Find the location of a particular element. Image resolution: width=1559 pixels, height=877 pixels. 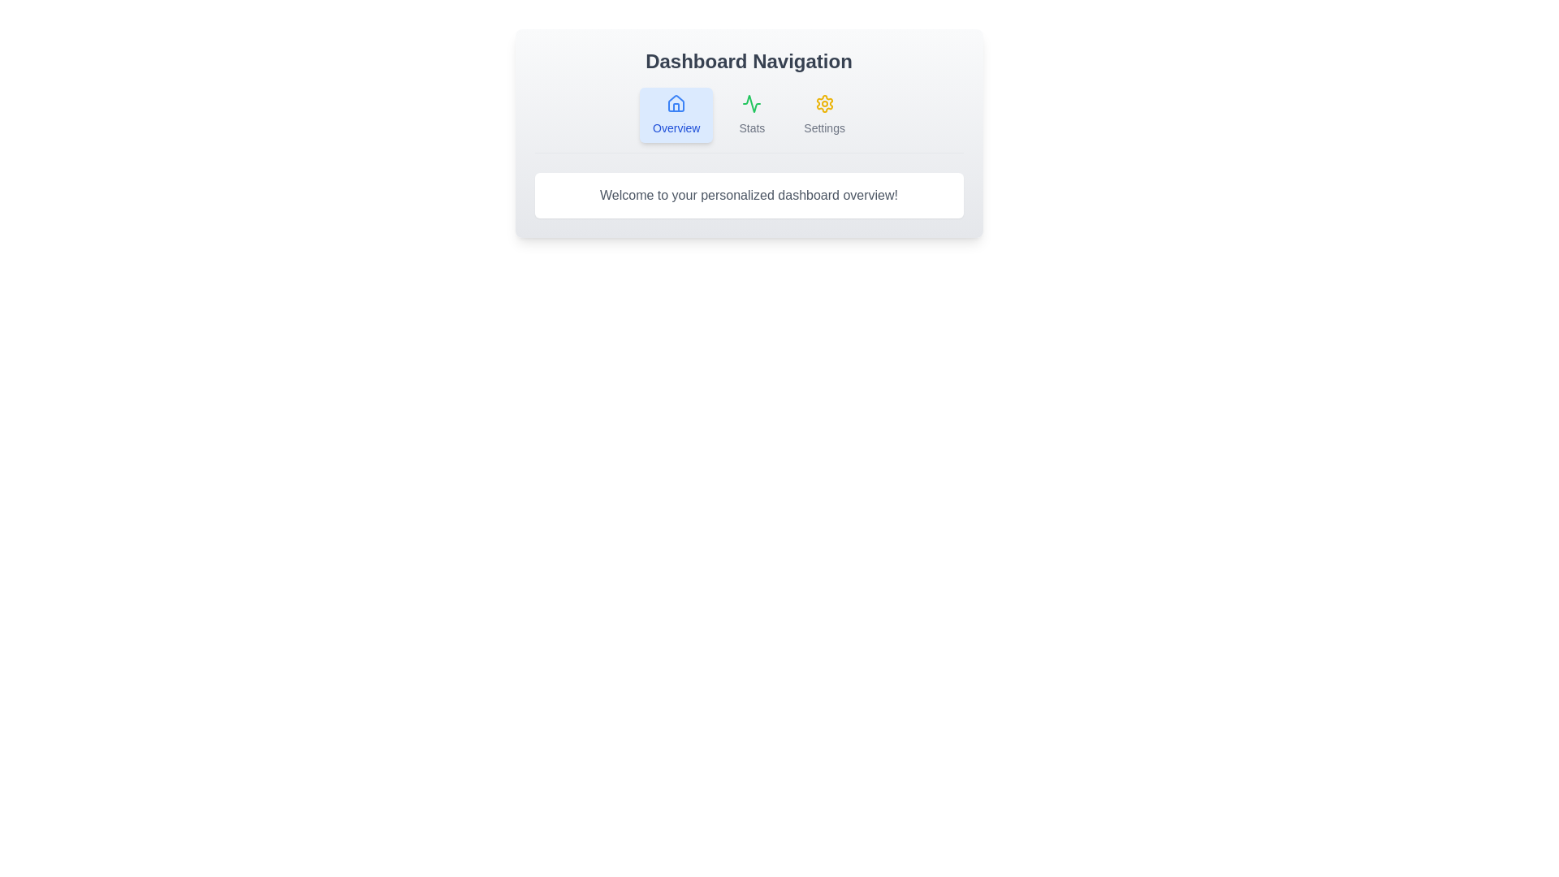

the Overview tab to navigate to its section is located at coordinates (676, 114).